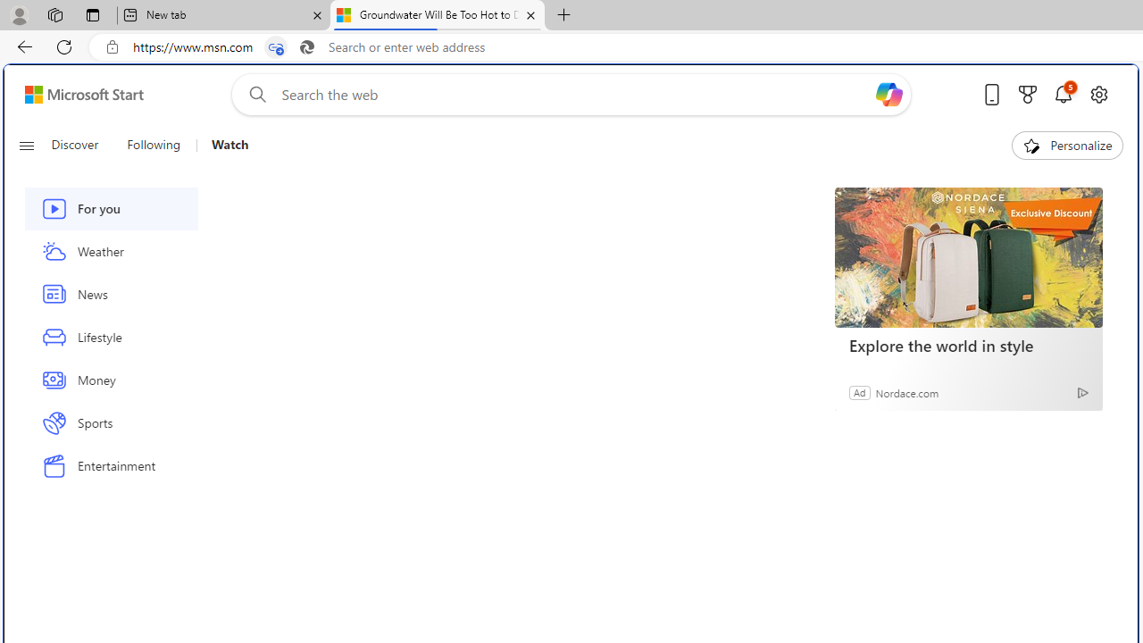 Image resolution: width=1143 pixels, height=643 pixels. What do you see at coordinates (83, 94) in the screenshot?
I see `'Microsoft Start'` at bounding box center [83, 94].